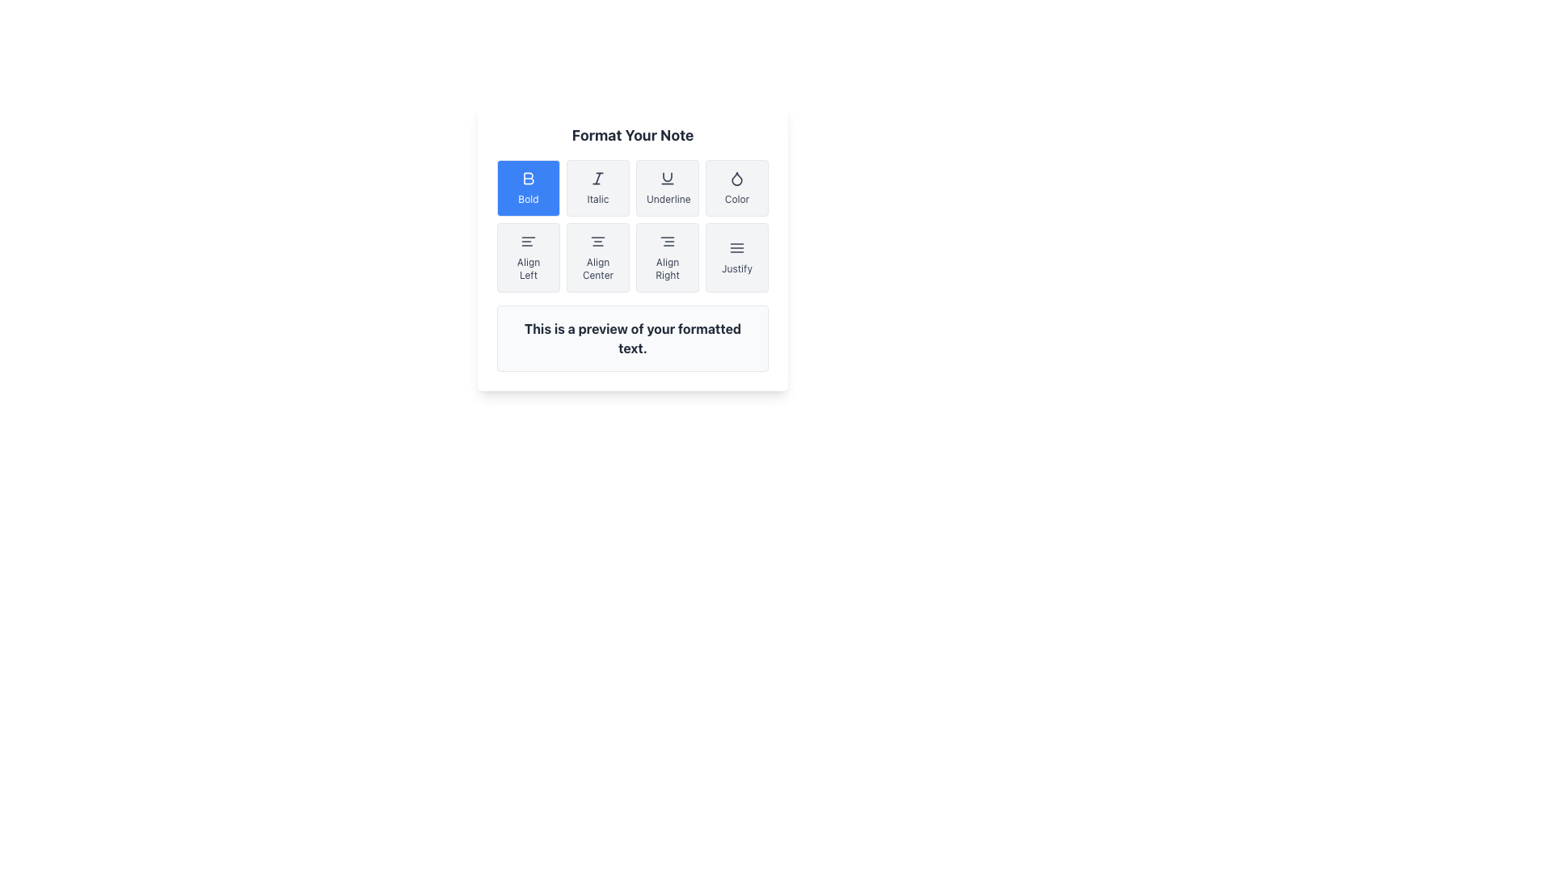 The width and height of the screenshot is (1552, 873). What do you see at coordinates (667, 187) in the screenshot?
I see `the 'Underline' button, which is a rectangular button with a light gray background and rounded edges, featuring an uppercase 'U' icon with an underline and the text 'Underline' below it` at bounding box center [667, 187].